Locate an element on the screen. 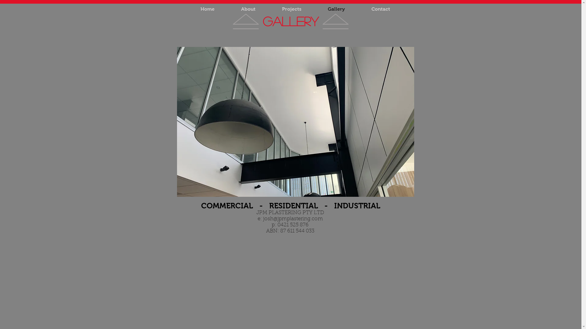  'Gallery' is located at coordinates (336, 9).